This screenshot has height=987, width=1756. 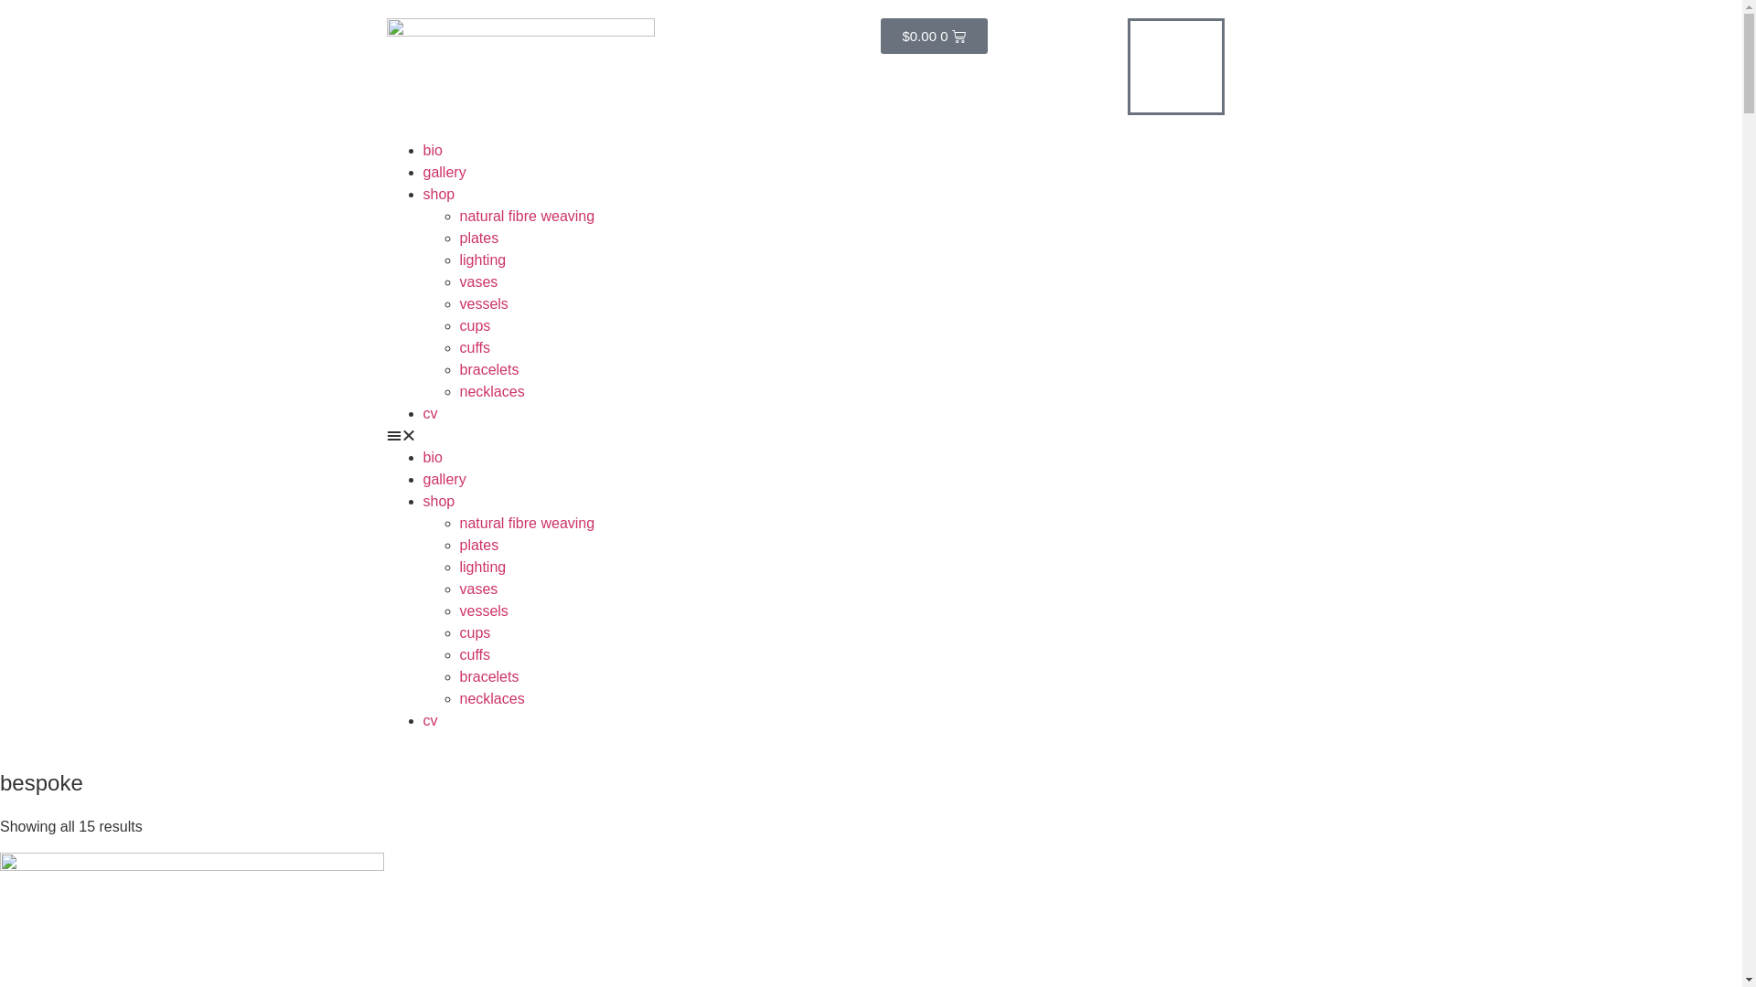 I want to click on 'cuffs', so click(x=474, y=347).